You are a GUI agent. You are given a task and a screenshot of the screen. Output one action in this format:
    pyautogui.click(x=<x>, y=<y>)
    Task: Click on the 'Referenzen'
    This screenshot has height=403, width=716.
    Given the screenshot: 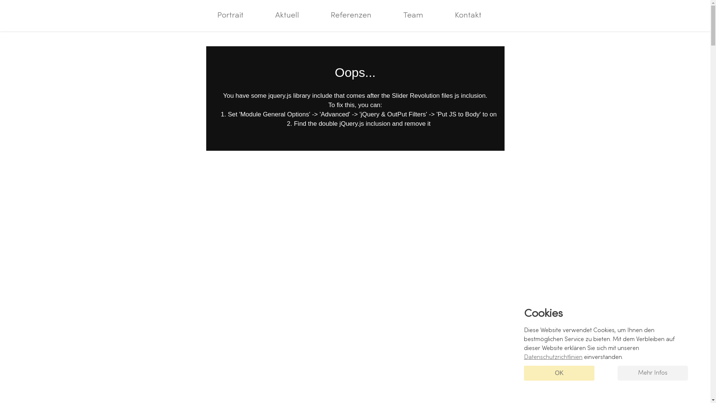 What is the action you would take?
    pyautogui.click(x=351, y=16)
    